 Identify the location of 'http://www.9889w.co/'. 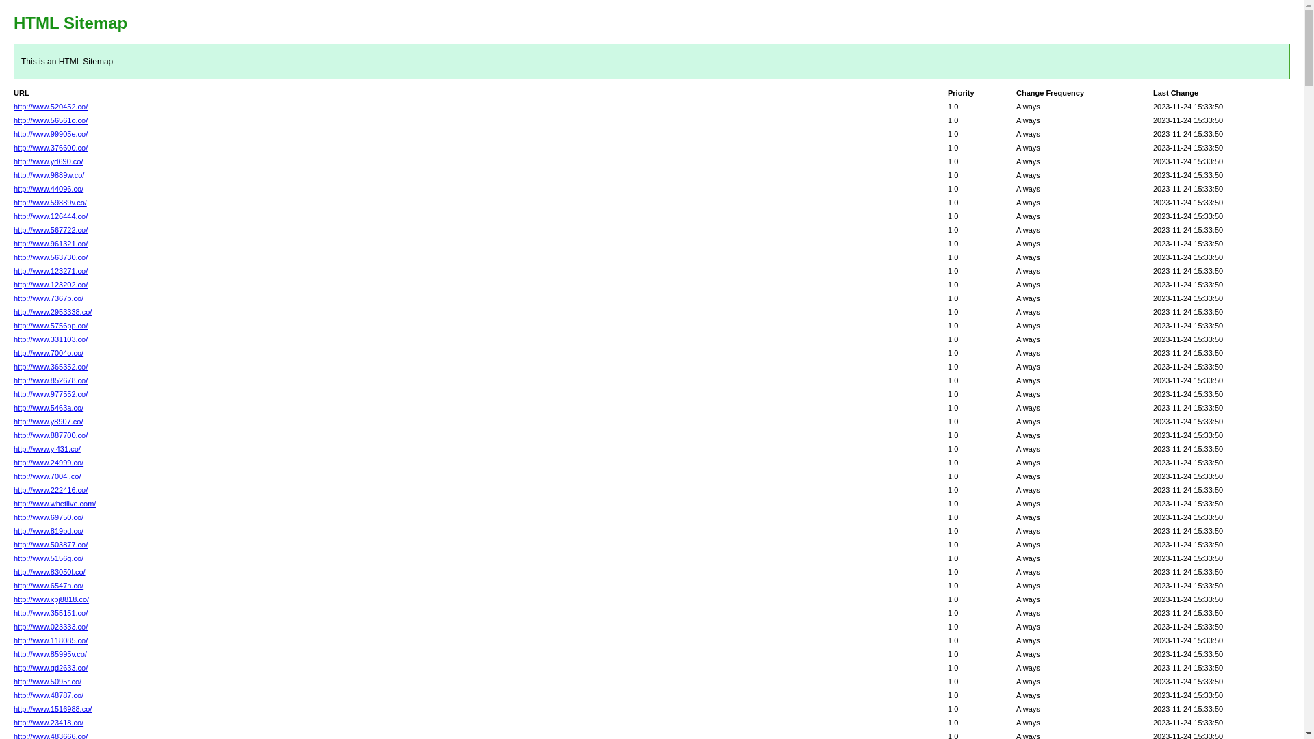
(13, 174).